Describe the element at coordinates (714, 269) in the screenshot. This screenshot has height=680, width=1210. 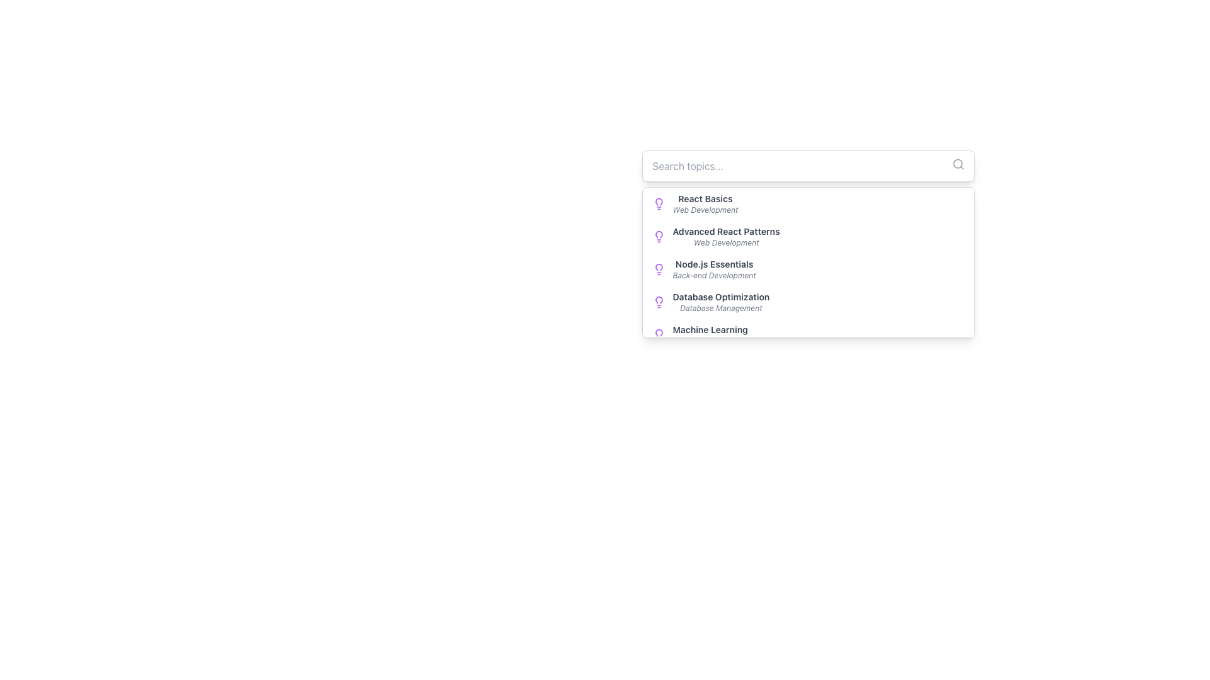
I see `the 'Node.js Essentials' list item` at that location.